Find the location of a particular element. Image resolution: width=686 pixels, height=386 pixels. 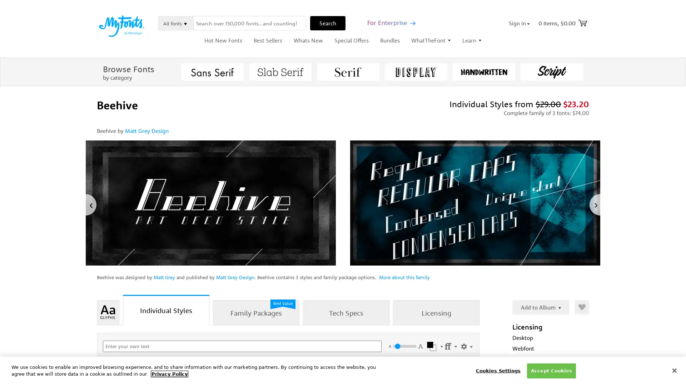

Accept Cookies is located at coordinates (551, 370).